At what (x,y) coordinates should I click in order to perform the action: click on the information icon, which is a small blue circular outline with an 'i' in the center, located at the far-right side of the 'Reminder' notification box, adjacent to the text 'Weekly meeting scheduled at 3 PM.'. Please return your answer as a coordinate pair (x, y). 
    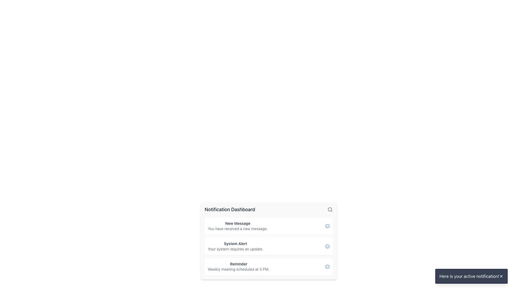
    Looking at the image, I should click on (327, 266).